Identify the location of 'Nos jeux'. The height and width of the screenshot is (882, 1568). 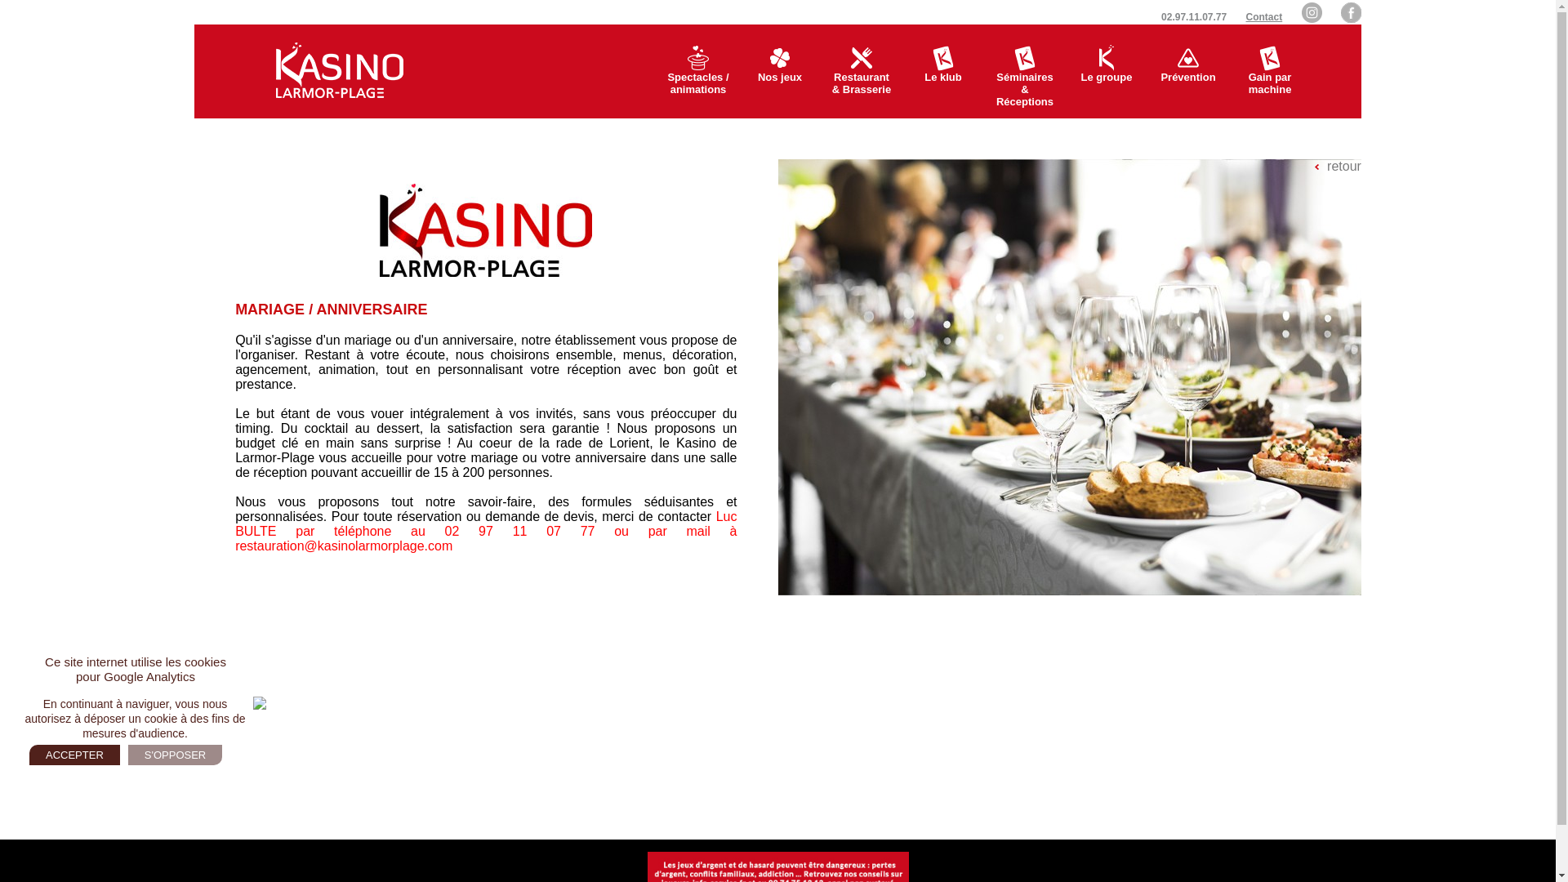
(779, 70).